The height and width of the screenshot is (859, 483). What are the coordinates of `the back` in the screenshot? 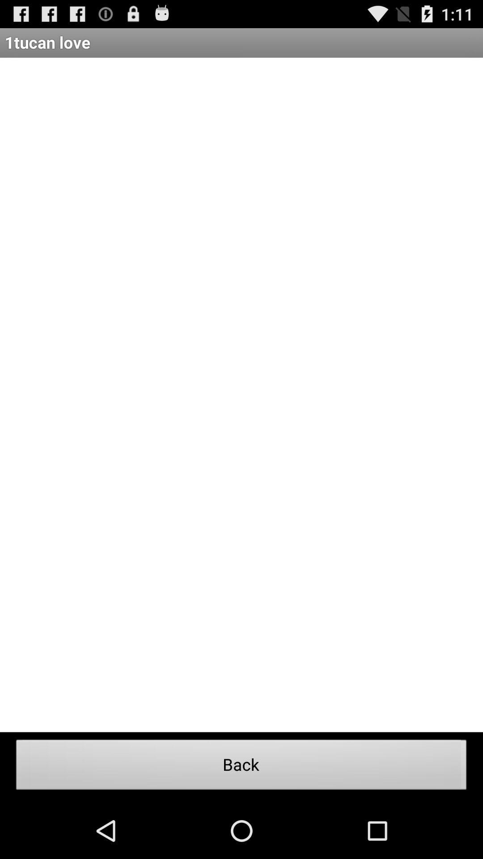 It's located at (241, 767).